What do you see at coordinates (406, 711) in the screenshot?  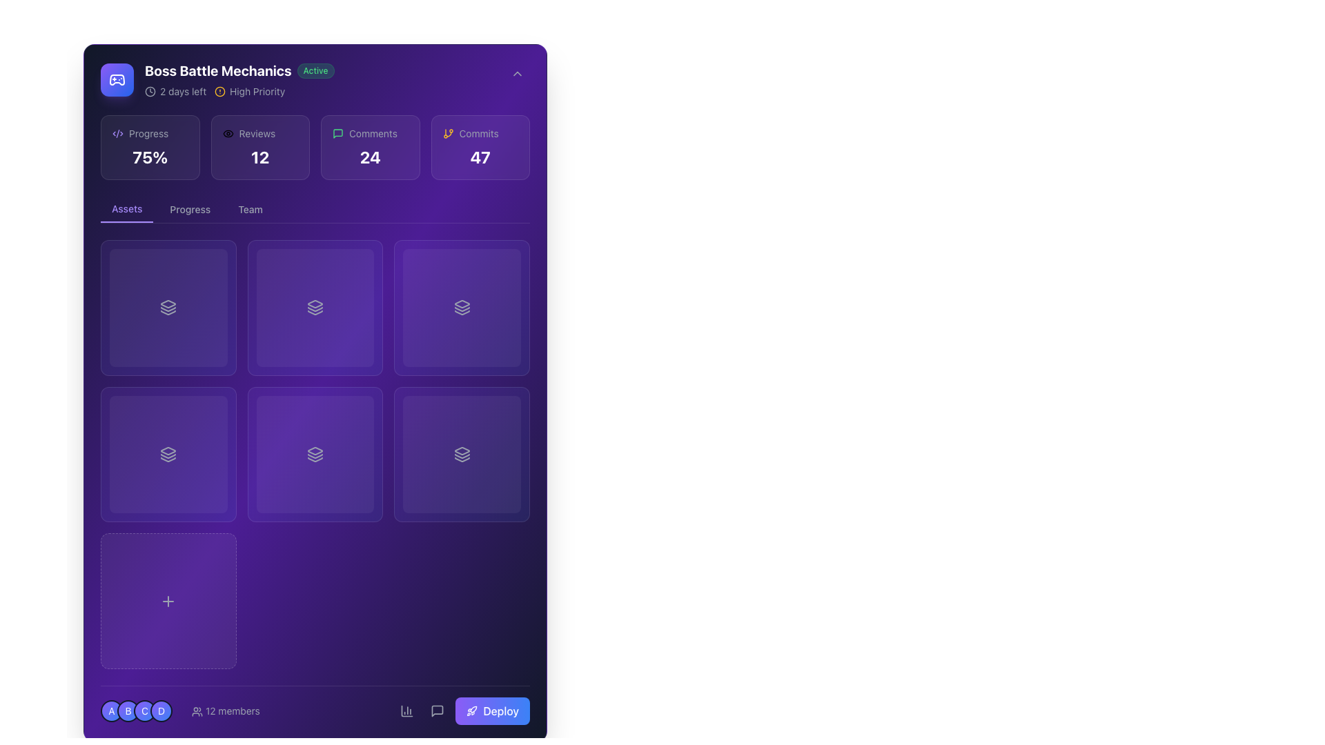 I see `the analytics icon located in the bottom navigation bar, positioned between the 'members' section and the 'Deploy' button` at bounding box center [406, 711].